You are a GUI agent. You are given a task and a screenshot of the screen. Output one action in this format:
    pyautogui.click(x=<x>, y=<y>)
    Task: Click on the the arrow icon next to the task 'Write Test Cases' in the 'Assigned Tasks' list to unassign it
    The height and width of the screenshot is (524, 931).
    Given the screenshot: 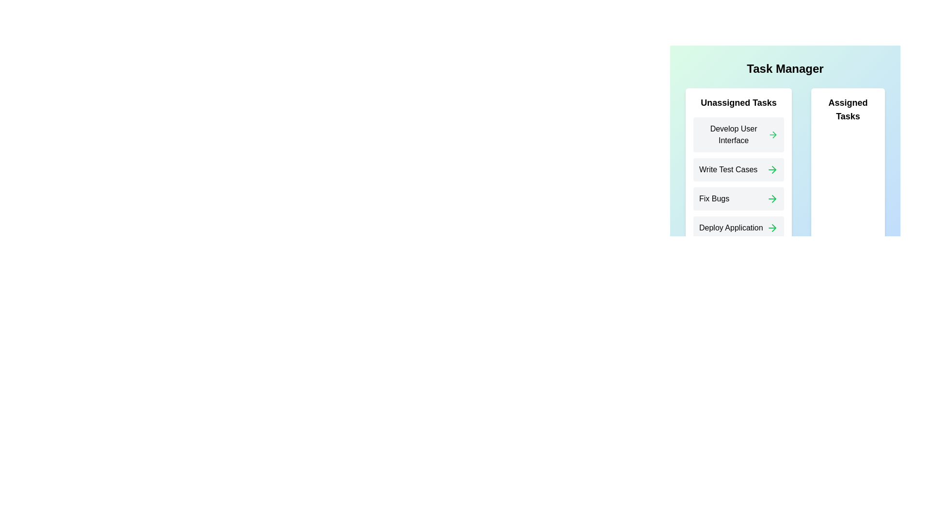 What is the action you would take?
    pyautogui.click(x=772, y=169)
    